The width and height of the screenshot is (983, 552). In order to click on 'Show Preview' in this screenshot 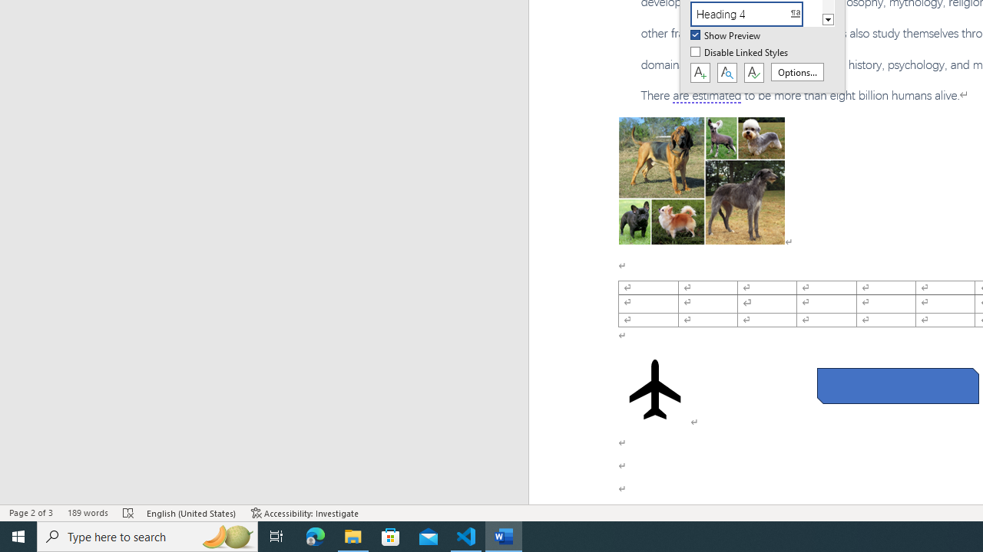, I will do `click(726, 35)`.